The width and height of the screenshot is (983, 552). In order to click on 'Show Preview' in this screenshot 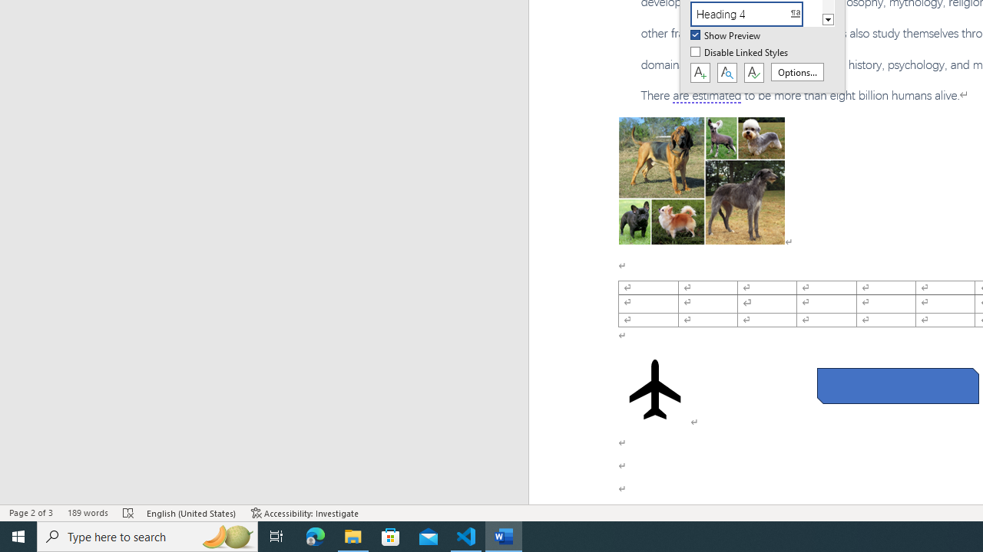, I will do `click(726, 35)`.